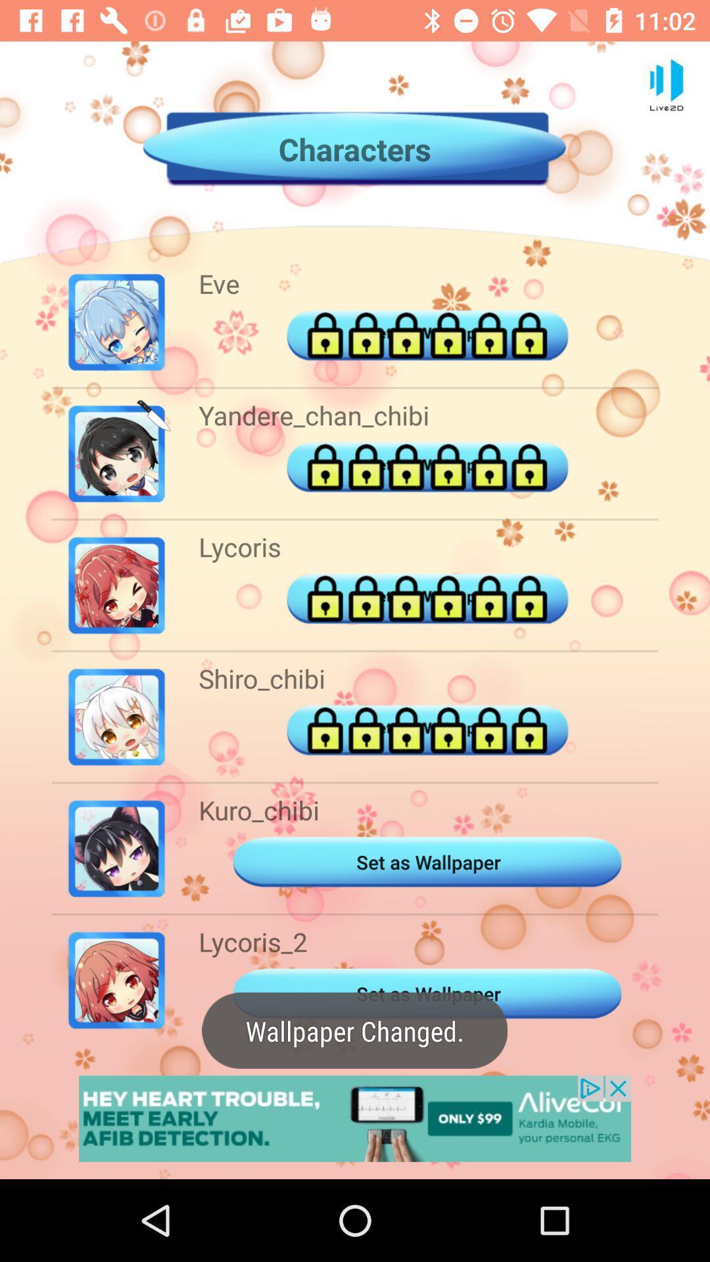 Image resolution: width=710 pixels, height=1262 pixels. Describe the element at coordinates (355, 1118) in the screenshot. I see `visit the page` at that location.